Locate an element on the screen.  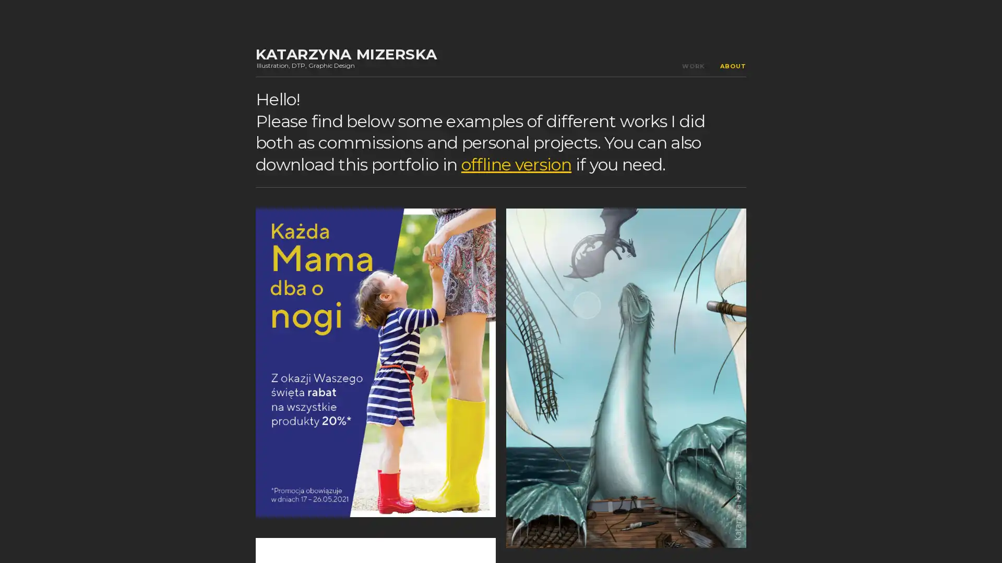
WORK is located at coordinates (693, 66).